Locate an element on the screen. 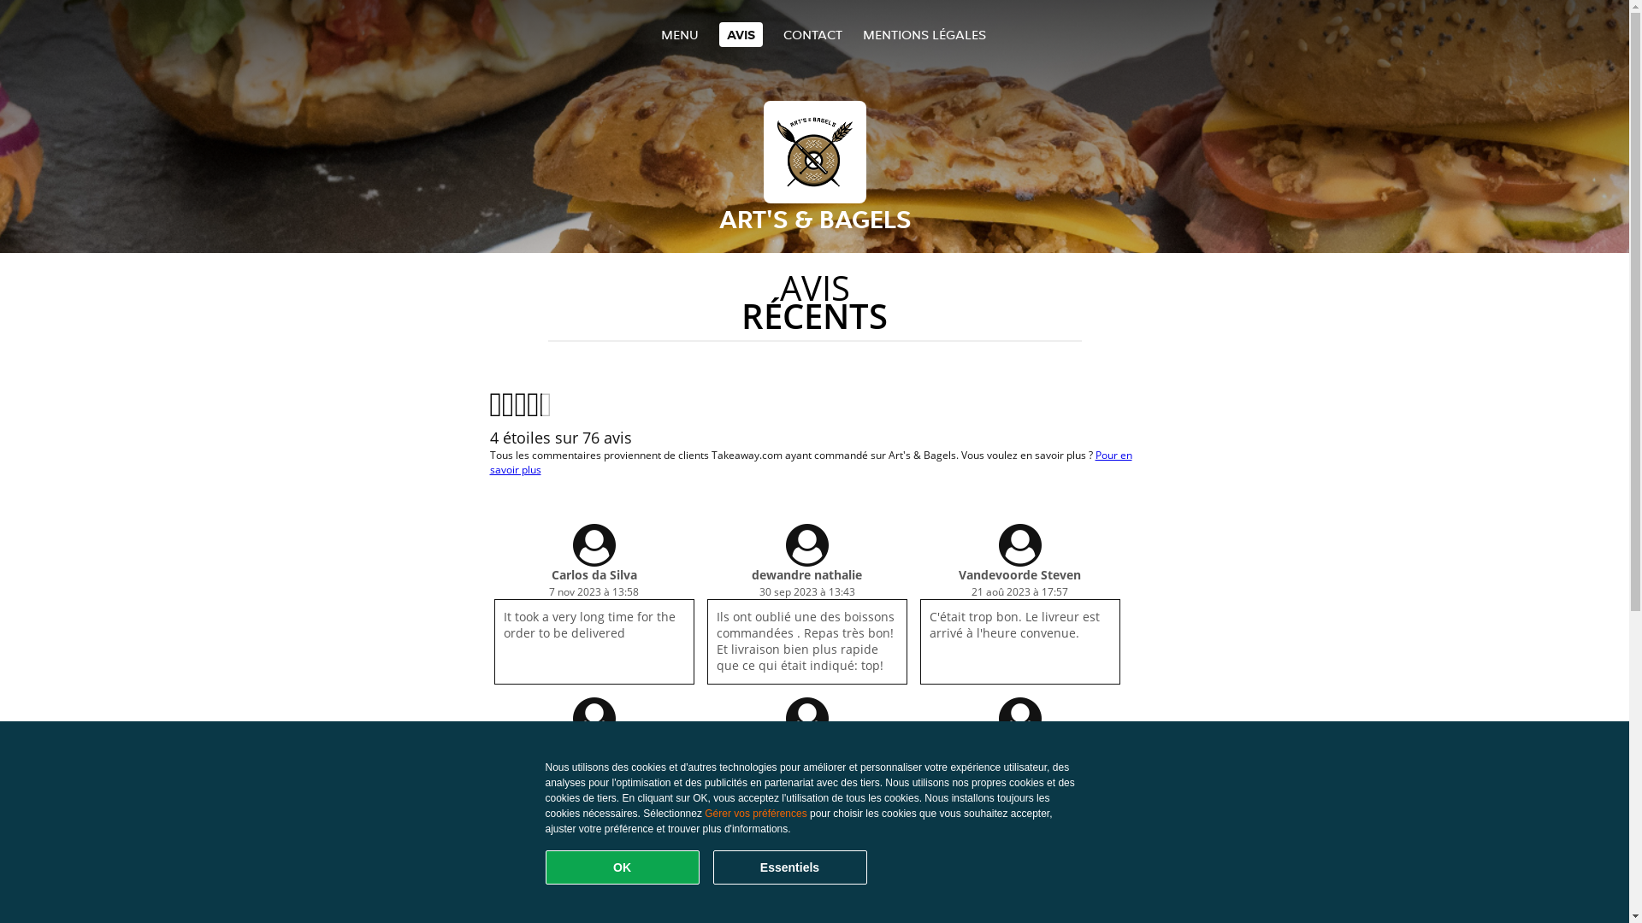 The width and height of the screenshot is (1642, 923). 'AVIS' is located at coordinates (740, 34).